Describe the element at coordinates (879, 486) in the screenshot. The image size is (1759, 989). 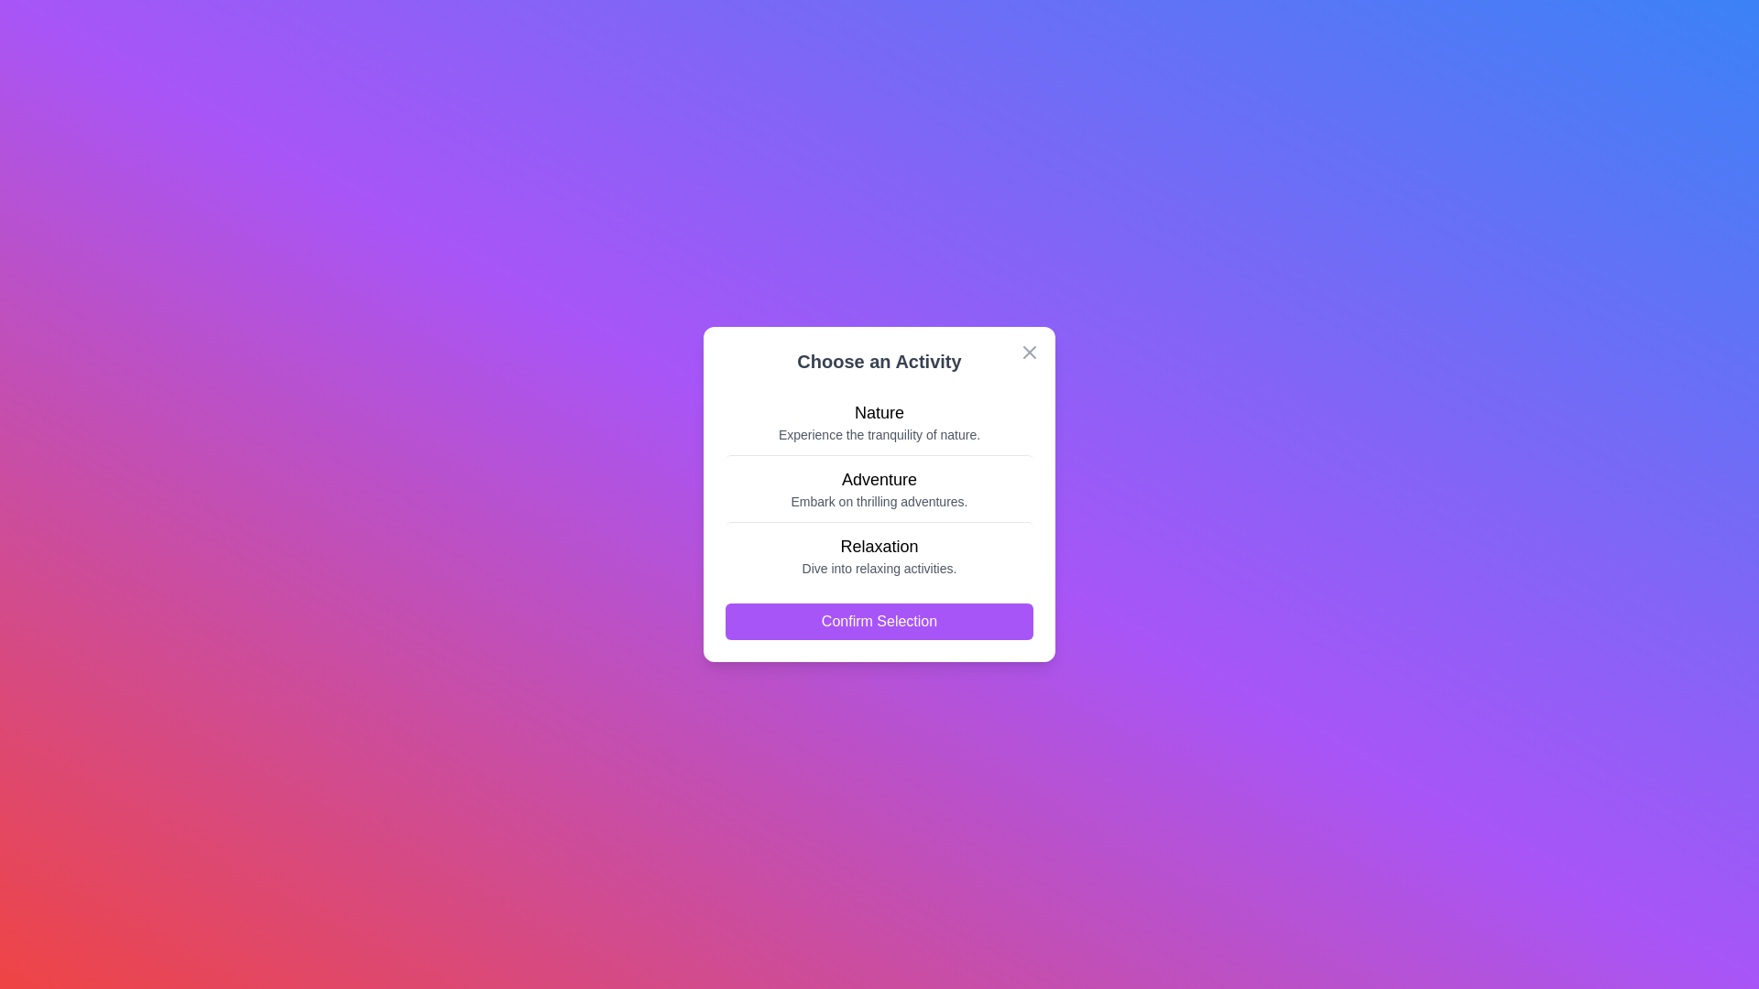
I see `the item Adventure from the list` at that location.